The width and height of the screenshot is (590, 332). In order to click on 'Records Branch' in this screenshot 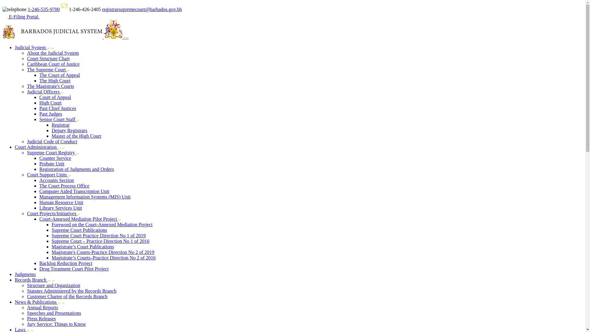, I will do `click(15, 280)`.